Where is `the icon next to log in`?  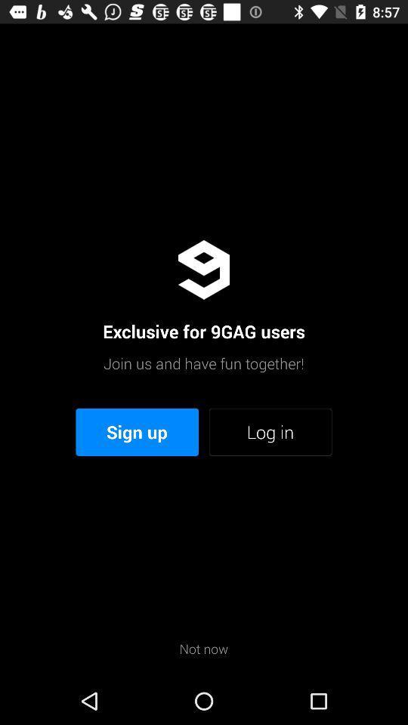 the icon next to log in is located at coordinates (137, 432).